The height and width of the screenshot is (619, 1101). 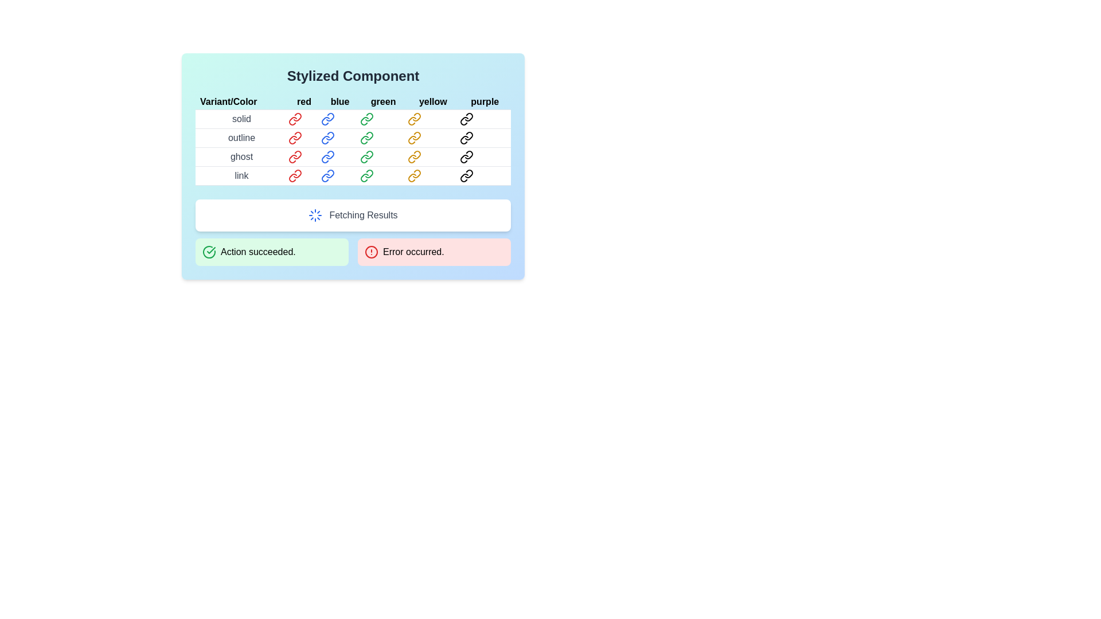 What do you see at coordinates (241, 137) in the screenshot?
I see `the text label that displays the word 'outline' in the first column of the second row in the table-like structure` at bounding box center [241, 137].